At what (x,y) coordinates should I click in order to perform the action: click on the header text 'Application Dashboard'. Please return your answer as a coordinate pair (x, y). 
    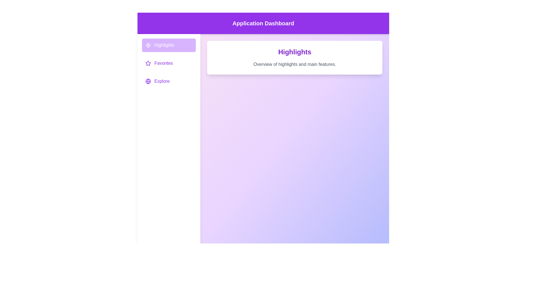
    Looking at the image, I should click on (263, 23).